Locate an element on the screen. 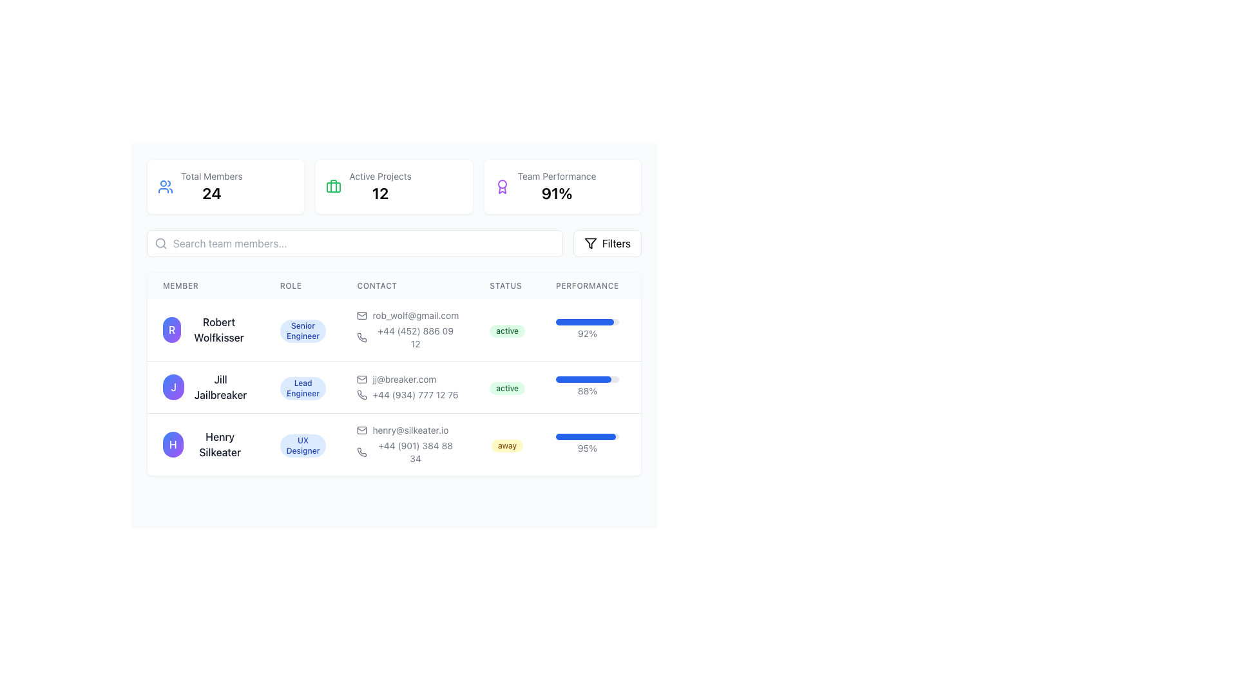 This screenshot has height=696, width=1237. the text label displaying the performance percentage value in the 'PERFORMANCE' column of the second row of the data table, which is located to the right of a blue progress bar is located at coordinates (587, 390).